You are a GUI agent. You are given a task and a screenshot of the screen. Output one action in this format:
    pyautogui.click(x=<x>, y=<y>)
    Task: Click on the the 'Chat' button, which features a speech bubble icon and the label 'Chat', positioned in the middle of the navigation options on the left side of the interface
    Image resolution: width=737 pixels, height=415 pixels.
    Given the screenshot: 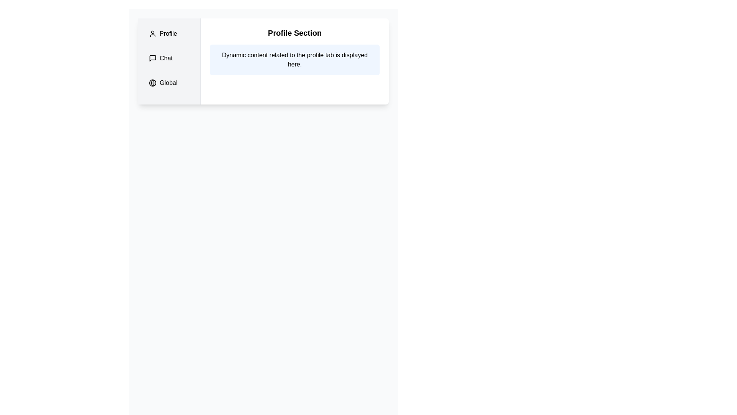 What is the action you would take?
    pyautogui.click(x=169, y=58)
    